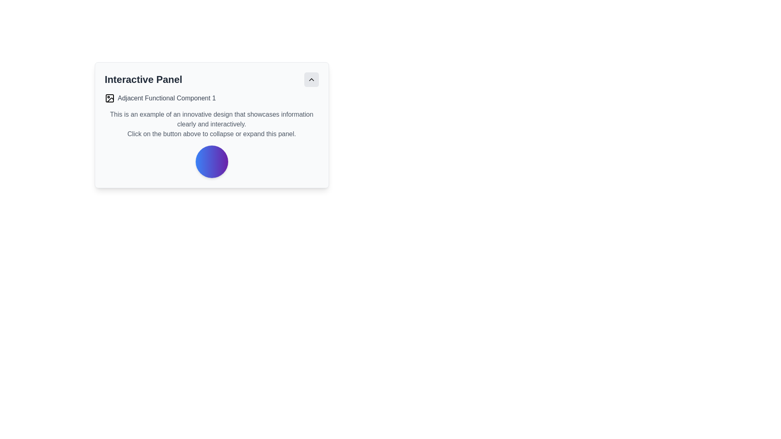 Image resolution: width=781 pixels, height=439 pixels. I want to click on the text element displaying 'This is an example of an innovative design that showcases information clearly and interactively.' located below the 'Interactive Panel' heading, so click(212, 119).